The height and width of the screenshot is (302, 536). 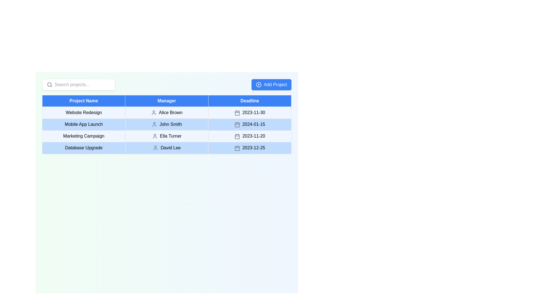 I want to click on the date text label '2024-01-15' in the Deadline column of the table for the project 'Mobile App Launch' managed by 'John Smith', so click(x=249, y=124).